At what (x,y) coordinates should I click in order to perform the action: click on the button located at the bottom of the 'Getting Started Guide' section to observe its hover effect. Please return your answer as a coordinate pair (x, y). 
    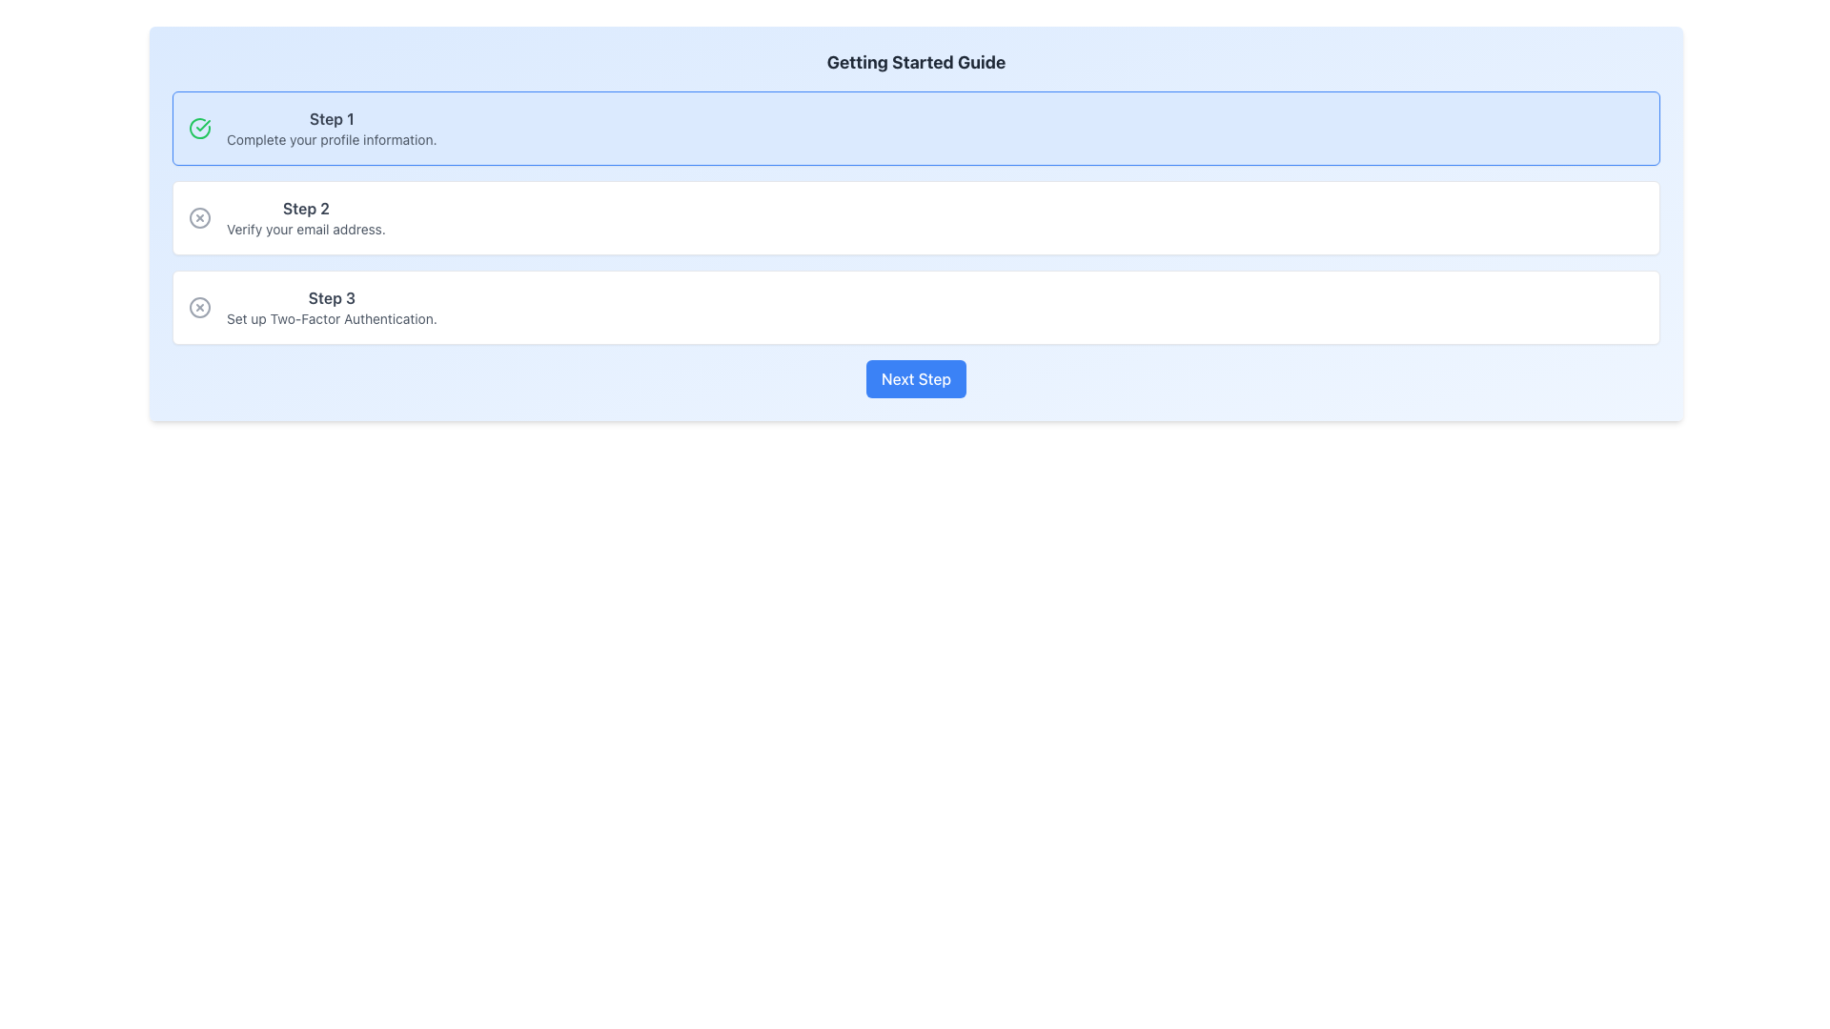
    Looking at the image, I should click on (916, 378).